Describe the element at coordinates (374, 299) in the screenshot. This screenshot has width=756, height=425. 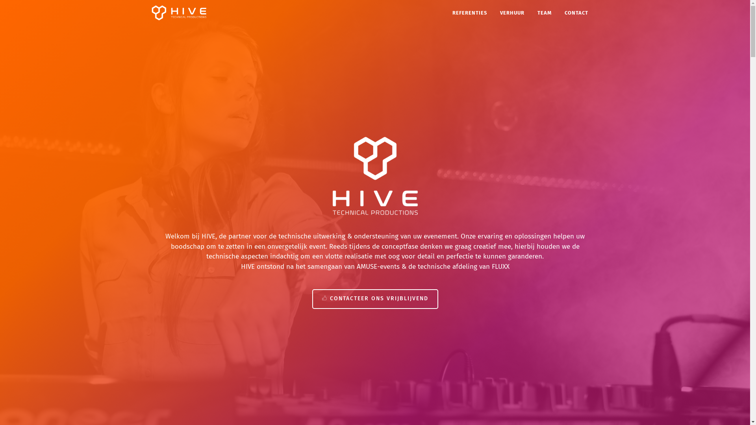
I see `'CONTACTEER ONS VRIJBLIJVEND'` at that location.